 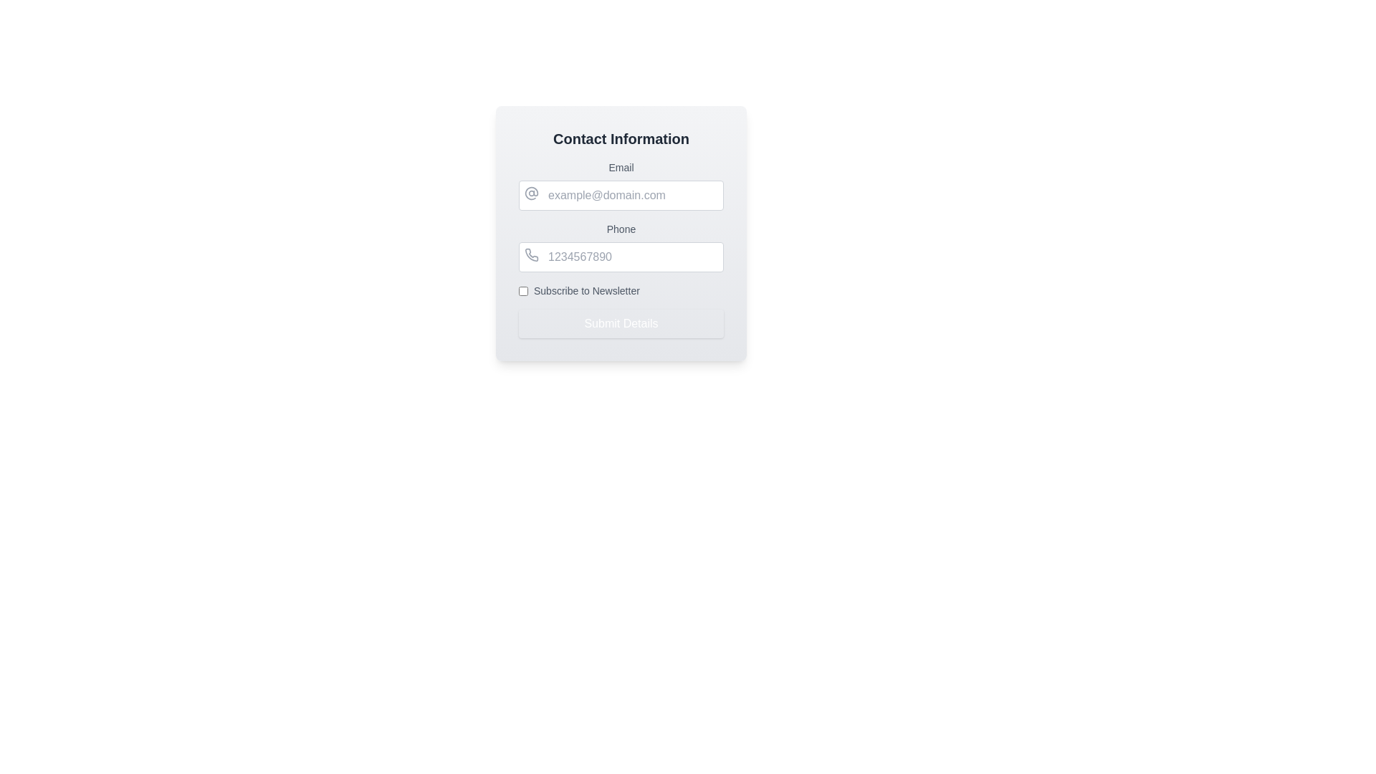 What do you see at coordinates (531, 254) in the screenshot?
I see `the phone number input field icon, which is positioned at the top-left corner of the input field and serves as a visual aid for entering a phone number` at bounding box center [531, 254].